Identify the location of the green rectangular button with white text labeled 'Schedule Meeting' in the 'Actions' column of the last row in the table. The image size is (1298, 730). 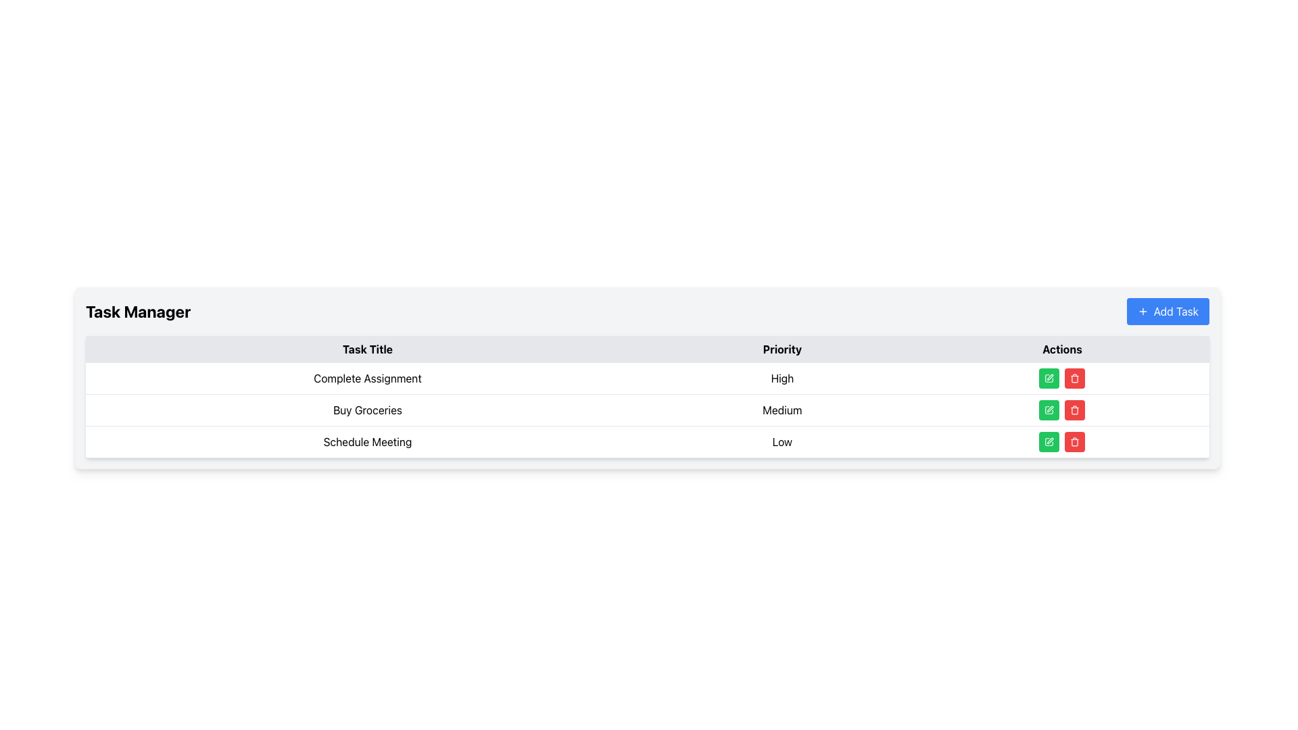
(1049, 442).